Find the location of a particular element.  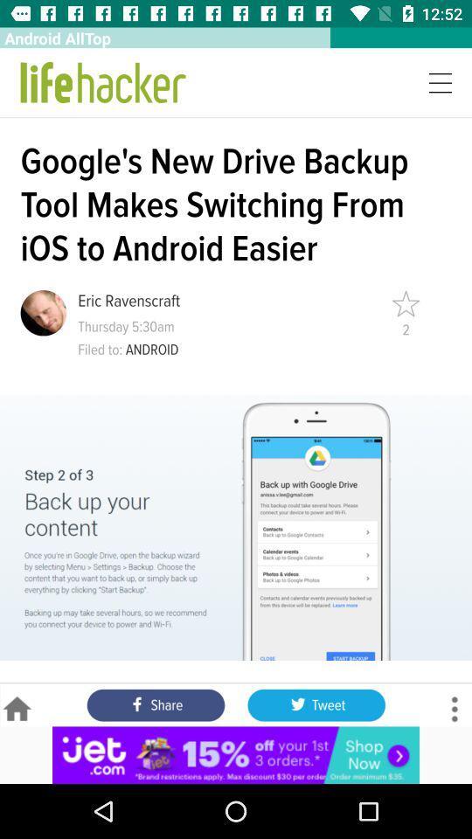

jet.com is located at coordinates (236, 754).